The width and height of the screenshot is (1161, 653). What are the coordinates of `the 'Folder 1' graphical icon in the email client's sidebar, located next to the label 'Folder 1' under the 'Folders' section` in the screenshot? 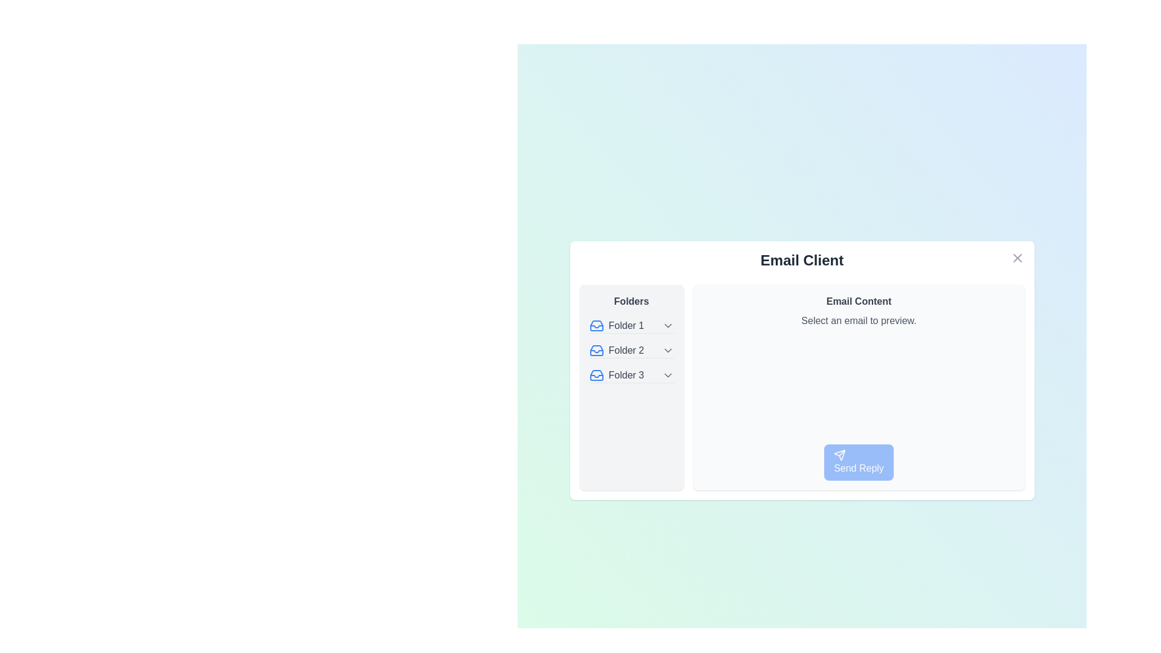 It's located at (596, 325).